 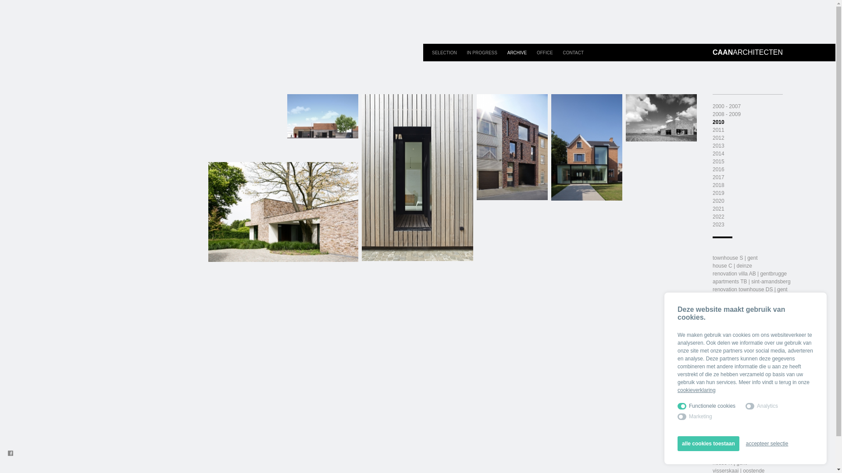 I want to click on '2015', so click(x=718, y=162).